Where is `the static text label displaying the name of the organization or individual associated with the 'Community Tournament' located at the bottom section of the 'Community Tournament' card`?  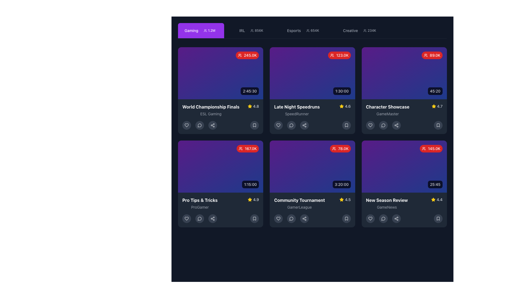
the static text label displaying the name of the organization or individual associated with the 'Community Tournament' located at the bottom section of the 'Community Tournament' card is located at coordinates (299, 207).